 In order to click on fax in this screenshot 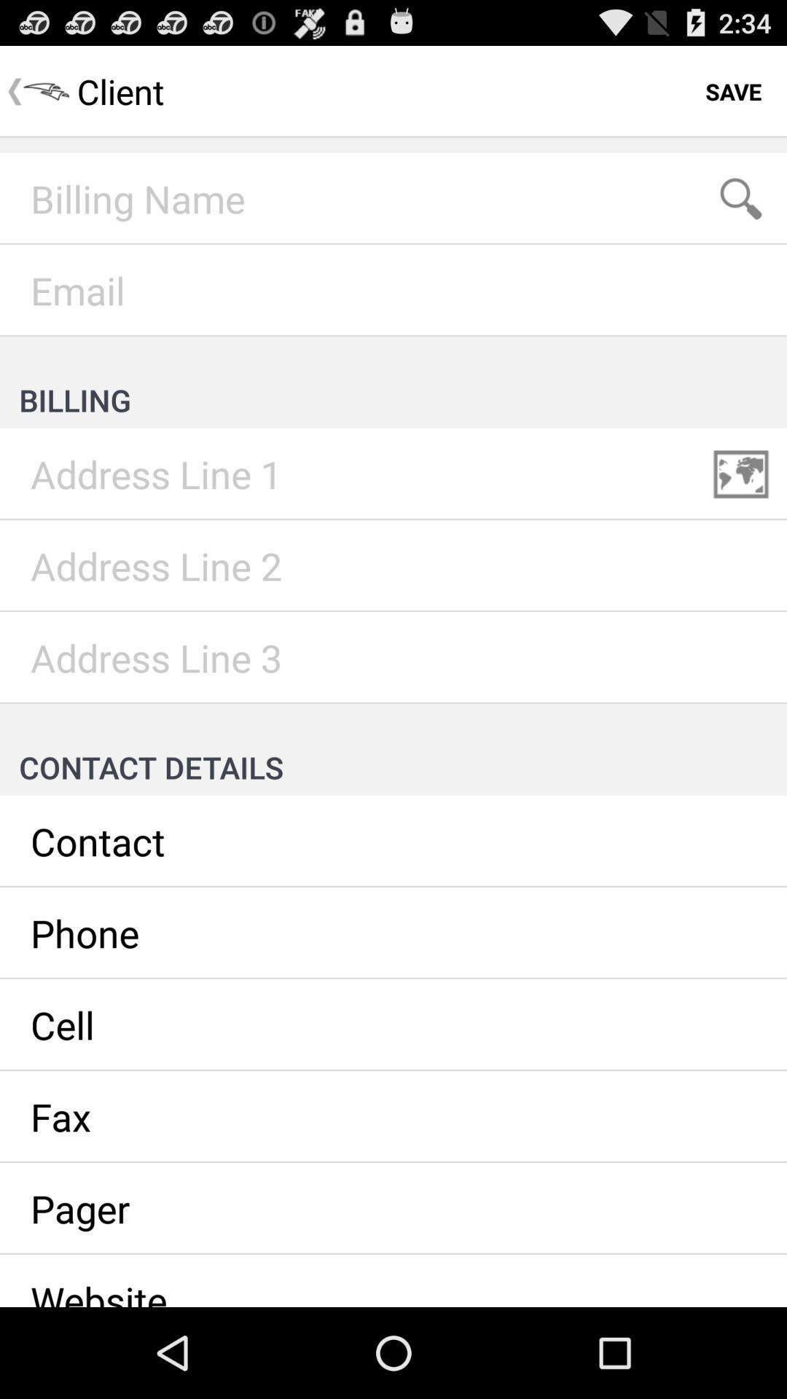, I will do `click(393, 1116)`.